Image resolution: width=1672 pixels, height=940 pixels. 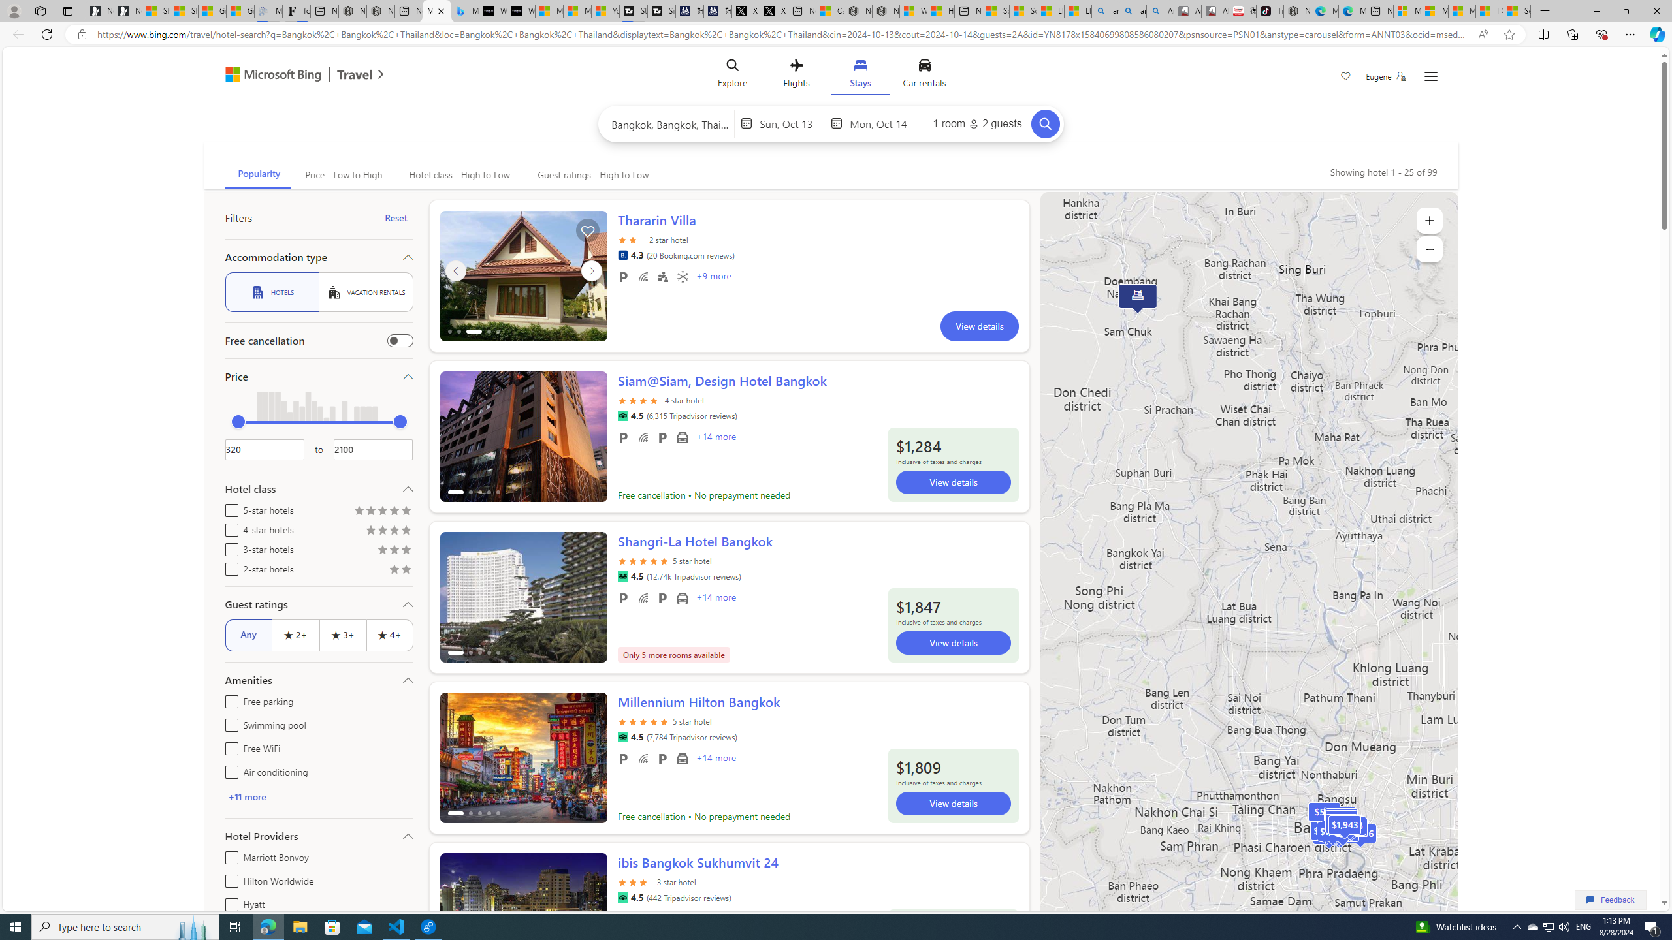 What do you see at coordinates (1132, 10) in the screenshot?
I see `'amazon - Search Images'` at bounding box center [1132, 10].